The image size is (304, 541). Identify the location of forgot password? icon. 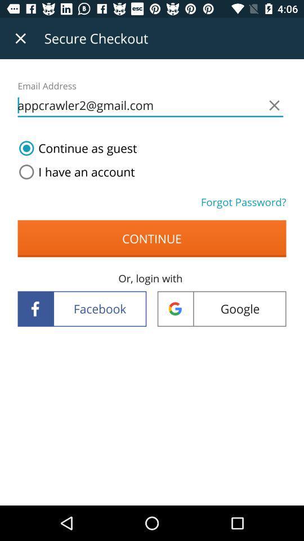
(243, 202).